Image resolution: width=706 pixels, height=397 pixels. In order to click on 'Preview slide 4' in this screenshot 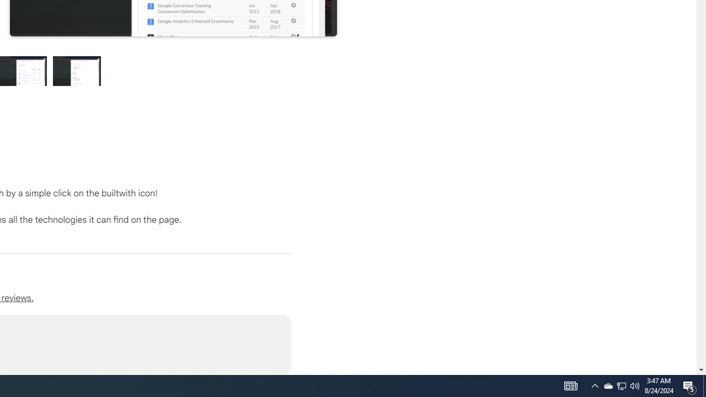, I will do `click(77, 71)`.